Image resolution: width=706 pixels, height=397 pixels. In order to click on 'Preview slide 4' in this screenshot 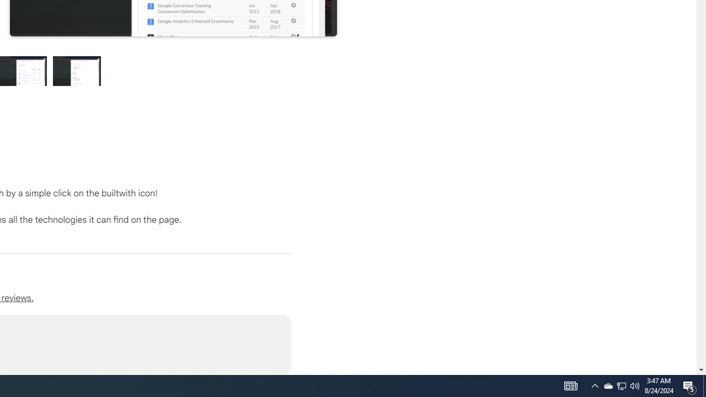, I will do `click(77, 71)`.